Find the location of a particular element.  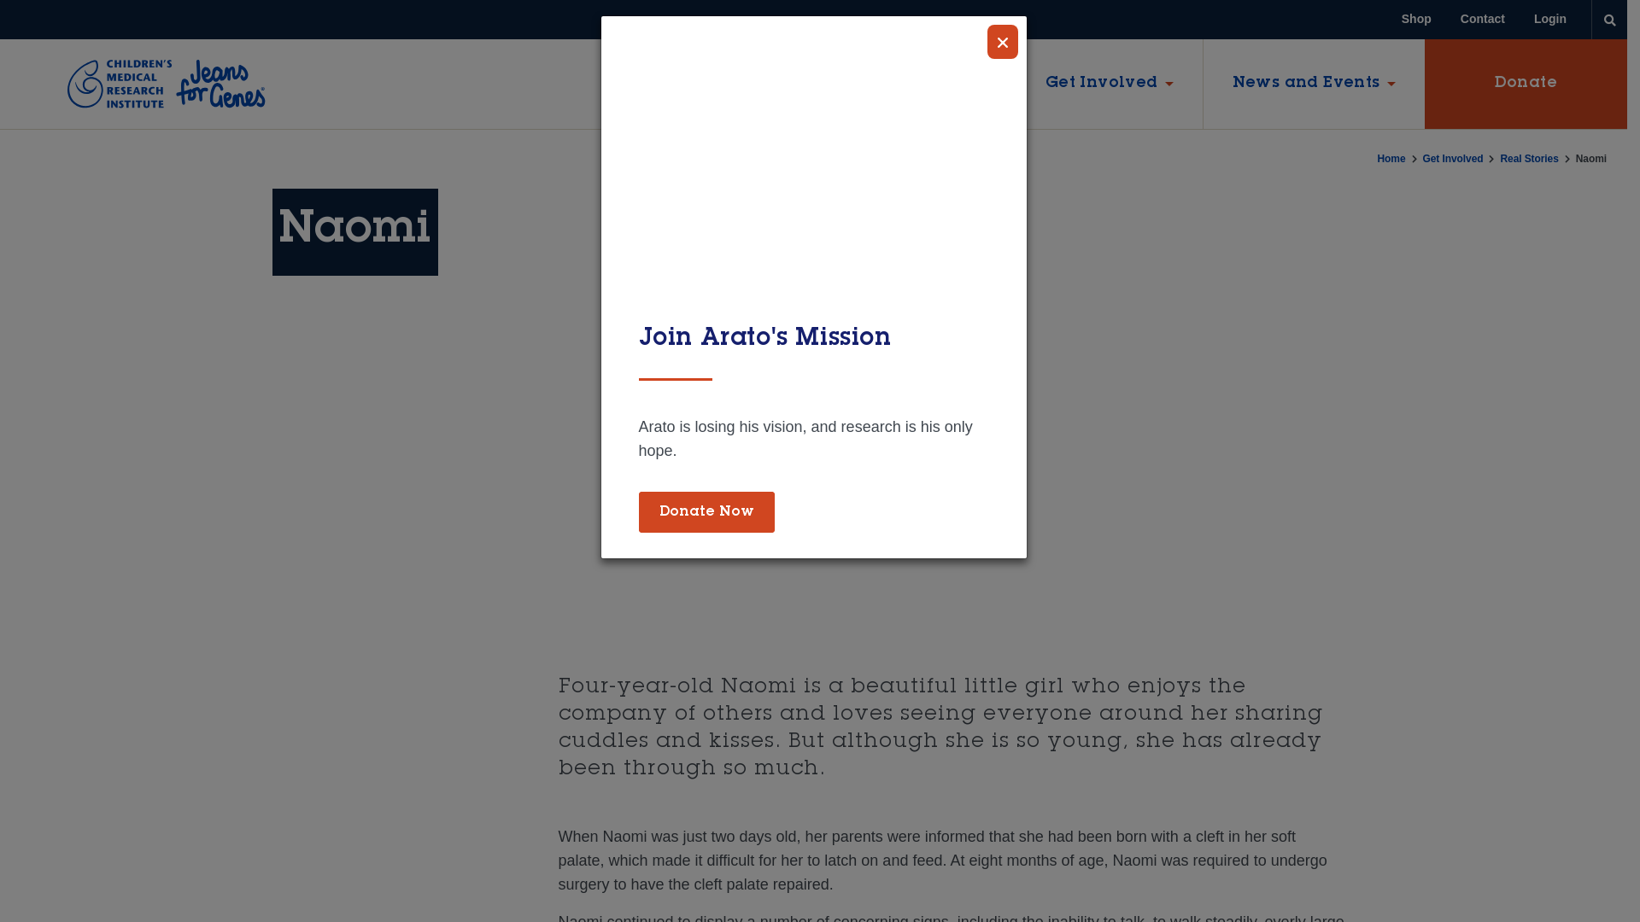

'Login' is located at coordinates (1549, 20).